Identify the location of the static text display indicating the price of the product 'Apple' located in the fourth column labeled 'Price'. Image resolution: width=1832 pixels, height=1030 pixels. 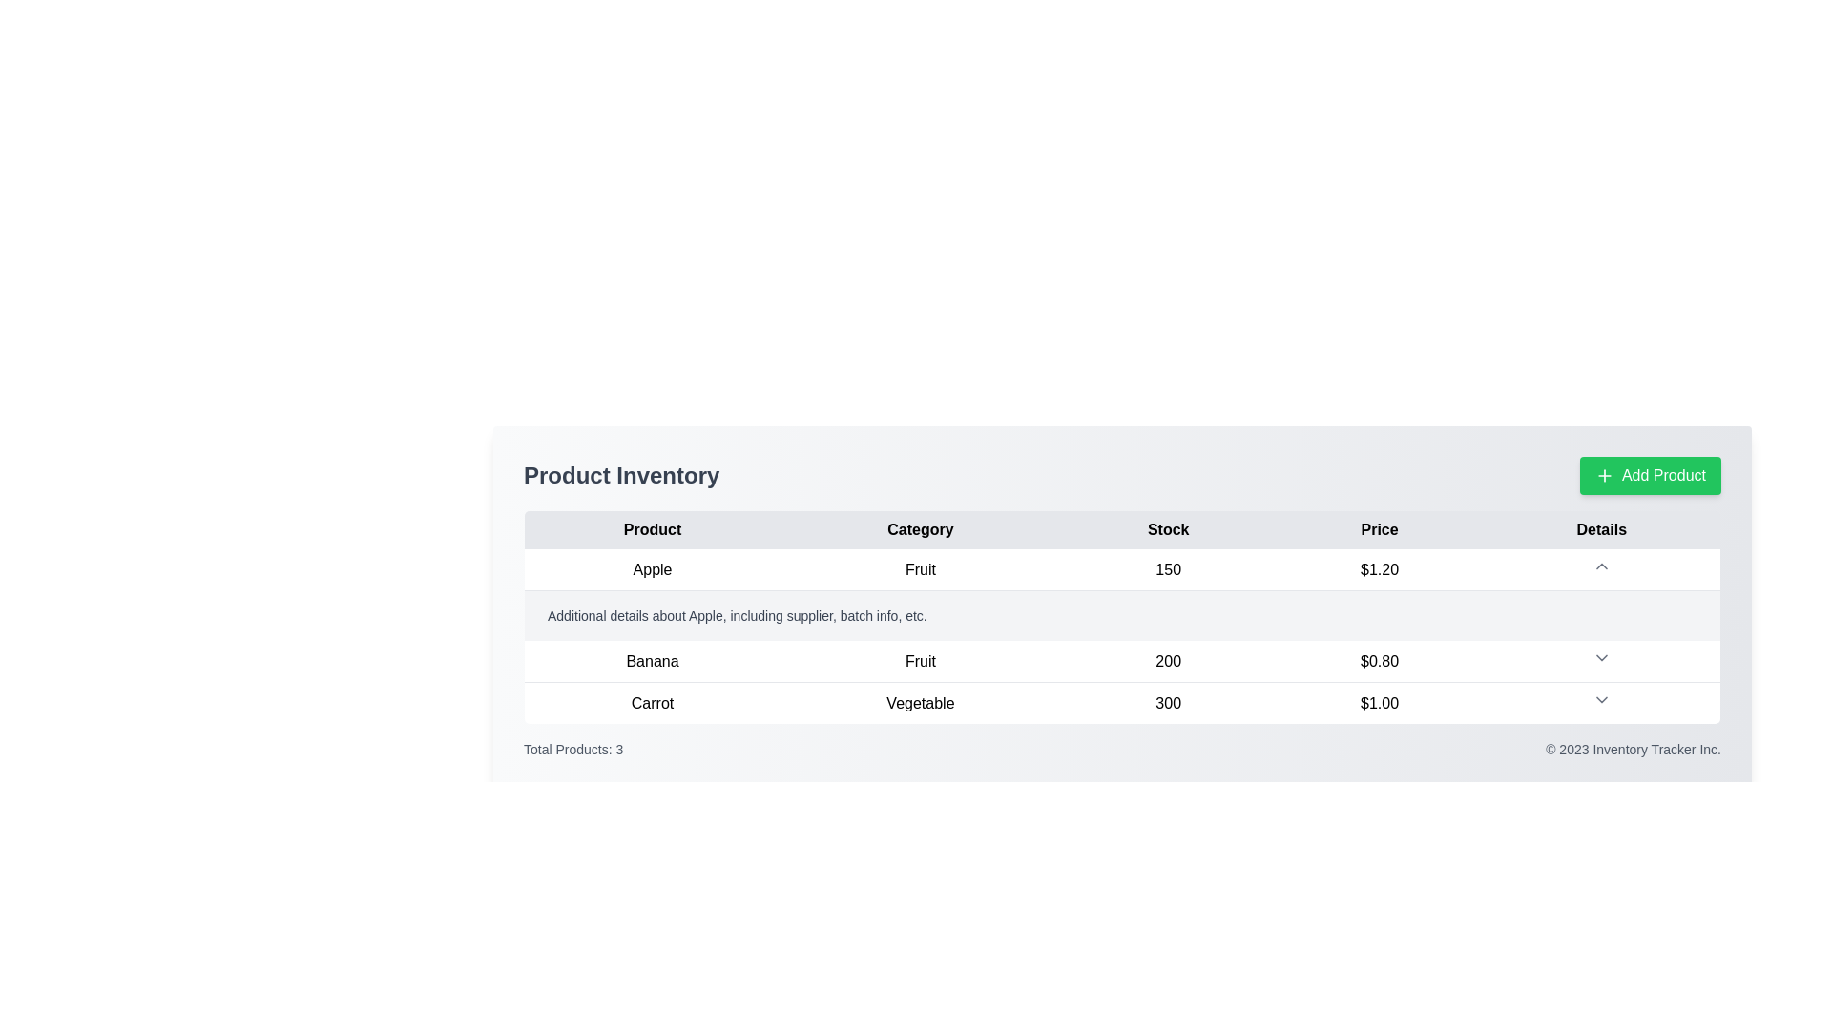
(1380, 568).